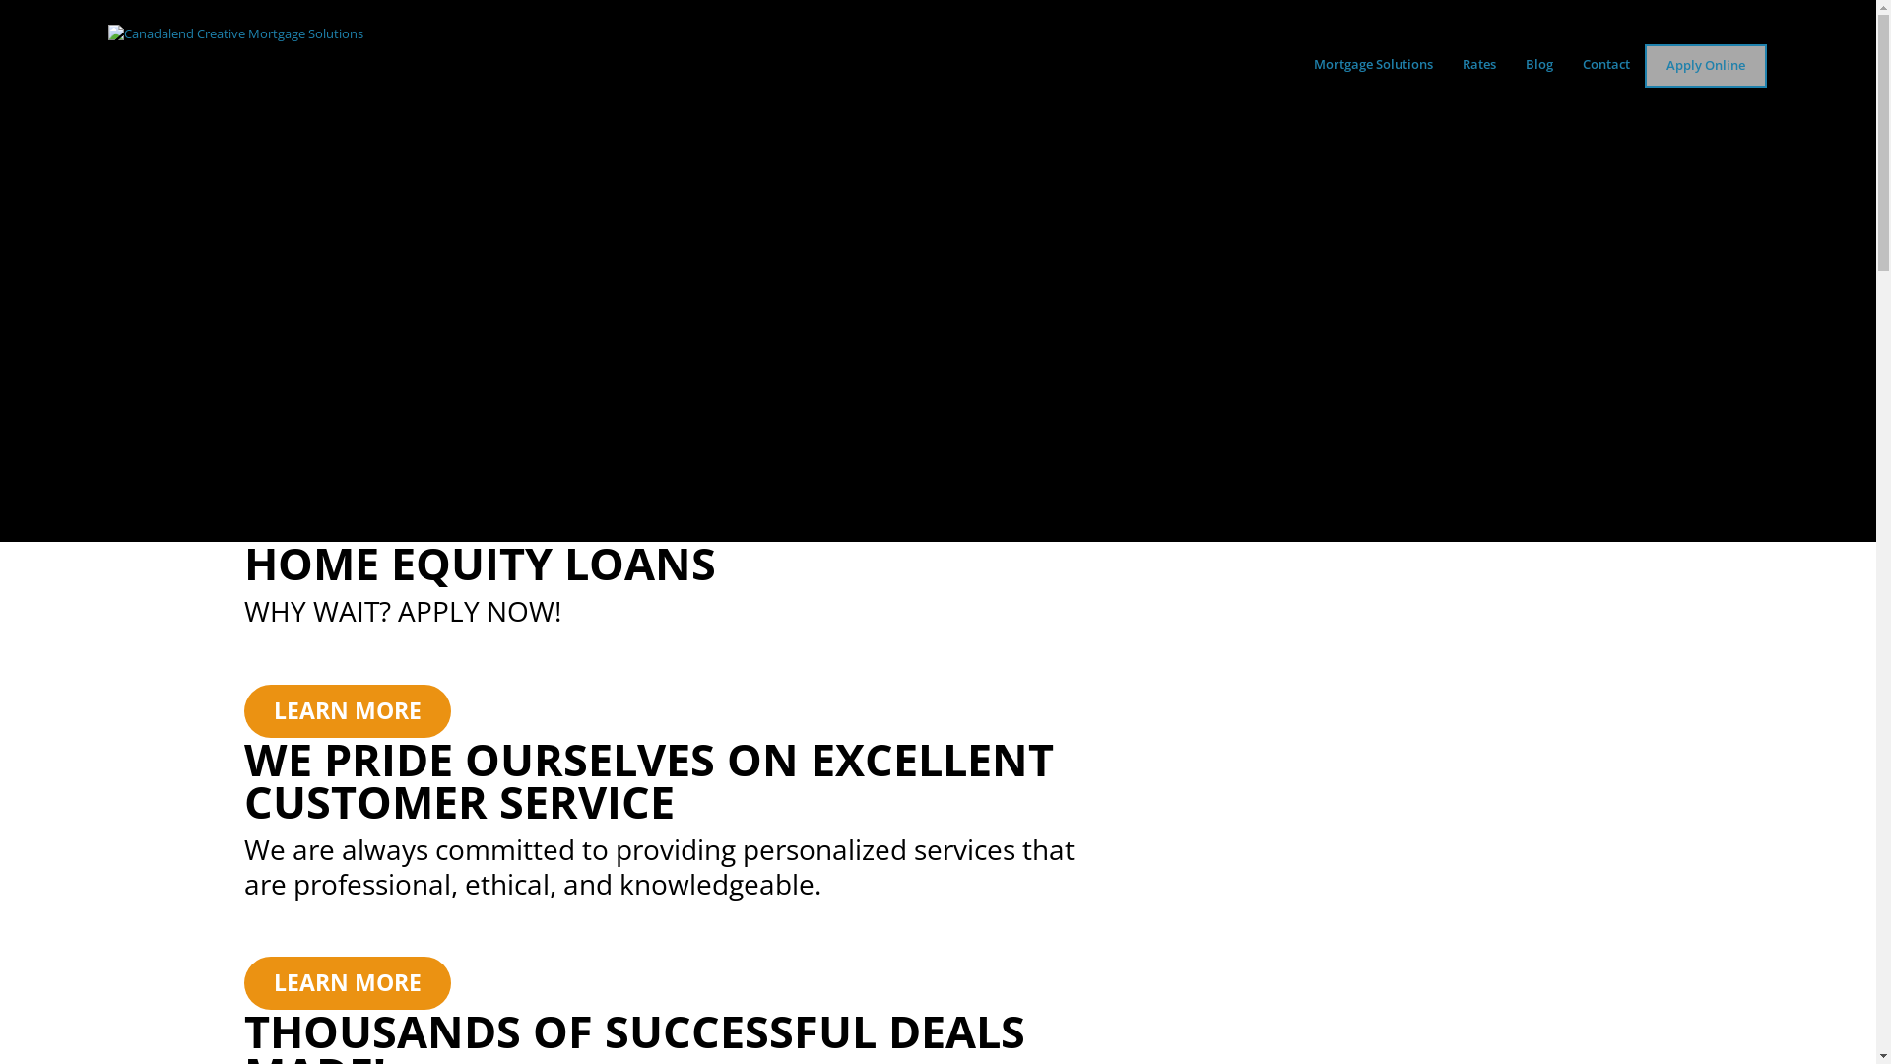 This screenshot has height=1064, width=1891. Describe the element at coordinates (348, 710) in the screenshot. I see `'LEARN MORE'` at that location.